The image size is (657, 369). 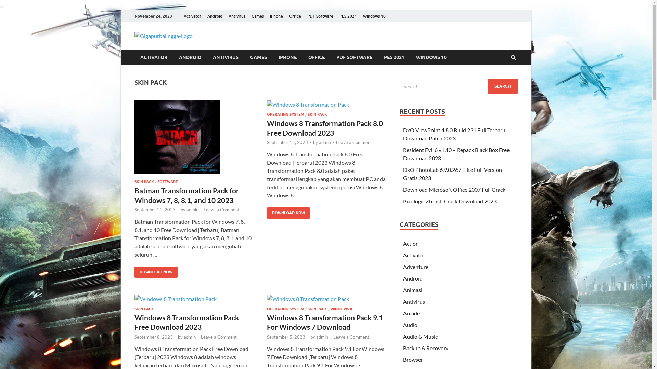 I want to click on 'September 5, 2023', so click(x=266, y=337).